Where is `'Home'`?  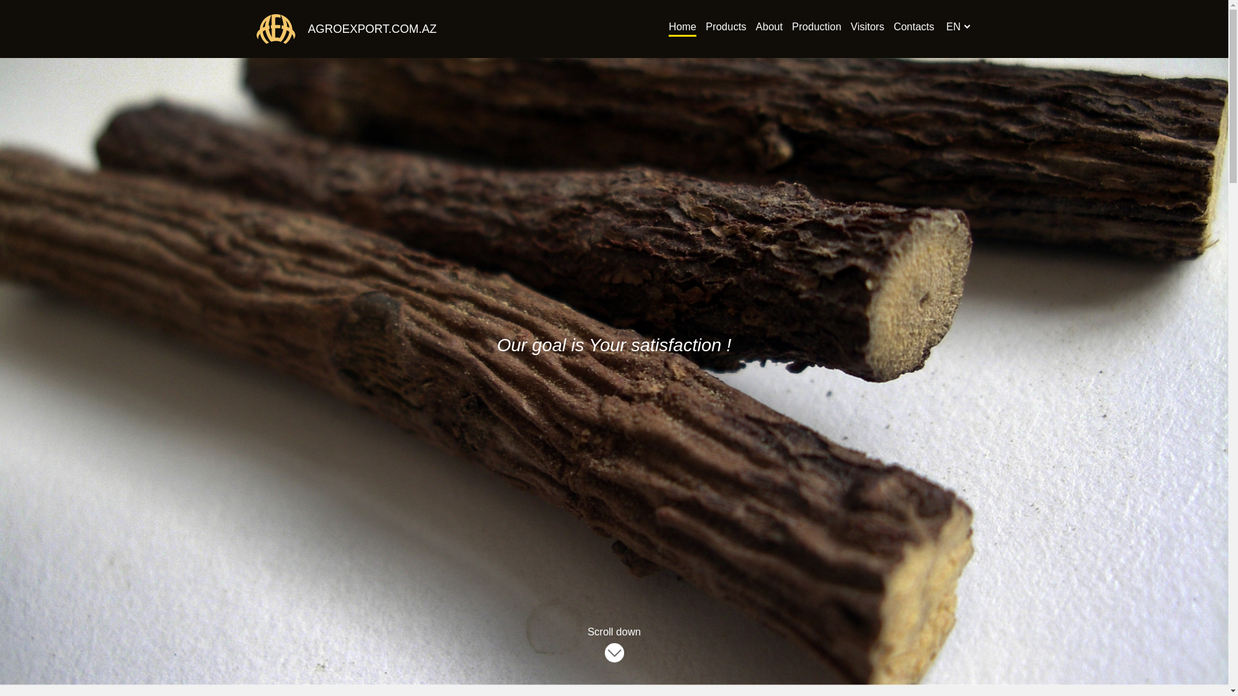 'Home' is located at coordinates (682, 28).